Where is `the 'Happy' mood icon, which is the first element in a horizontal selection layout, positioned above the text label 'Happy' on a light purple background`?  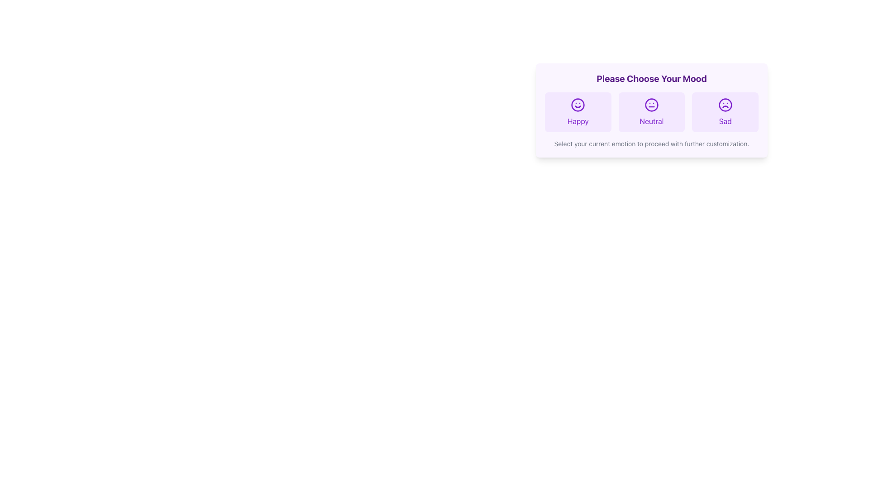
the 'Happy' mood icon, which is the first element in a horizontal selection layout, positioned above the text label 'Happy' on a light purple background is located at coordinates (578, 104).